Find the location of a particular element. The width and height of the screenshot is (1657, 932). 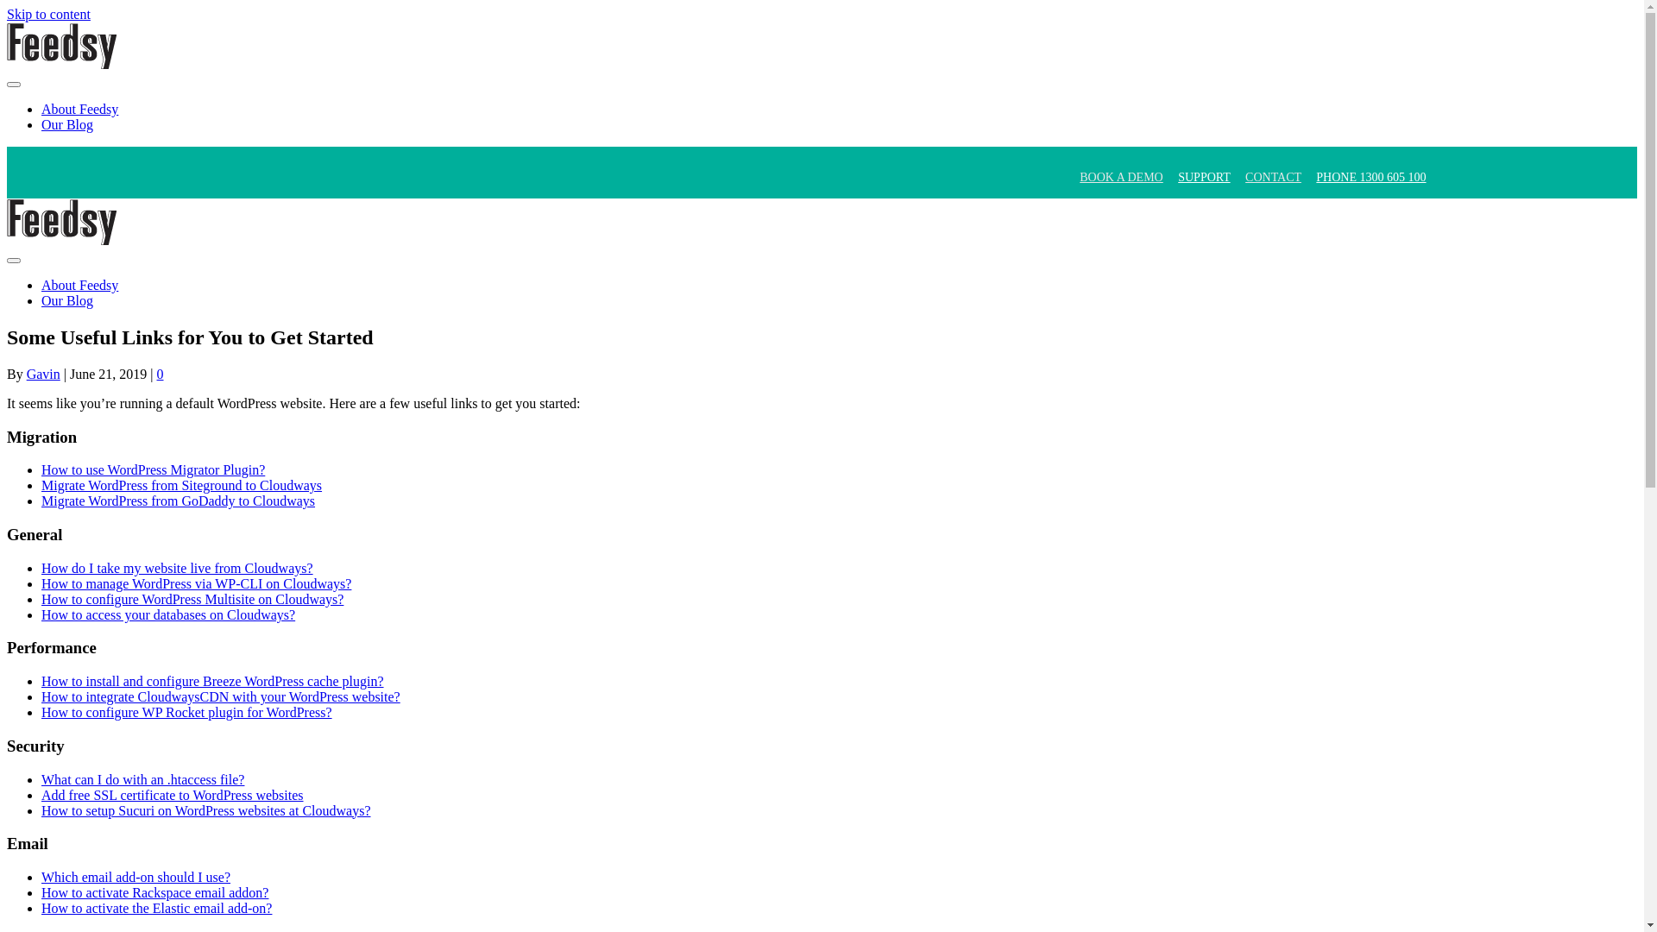

'How to use WordPress Migrator Plugin?' is located at coordinates (153, 469).